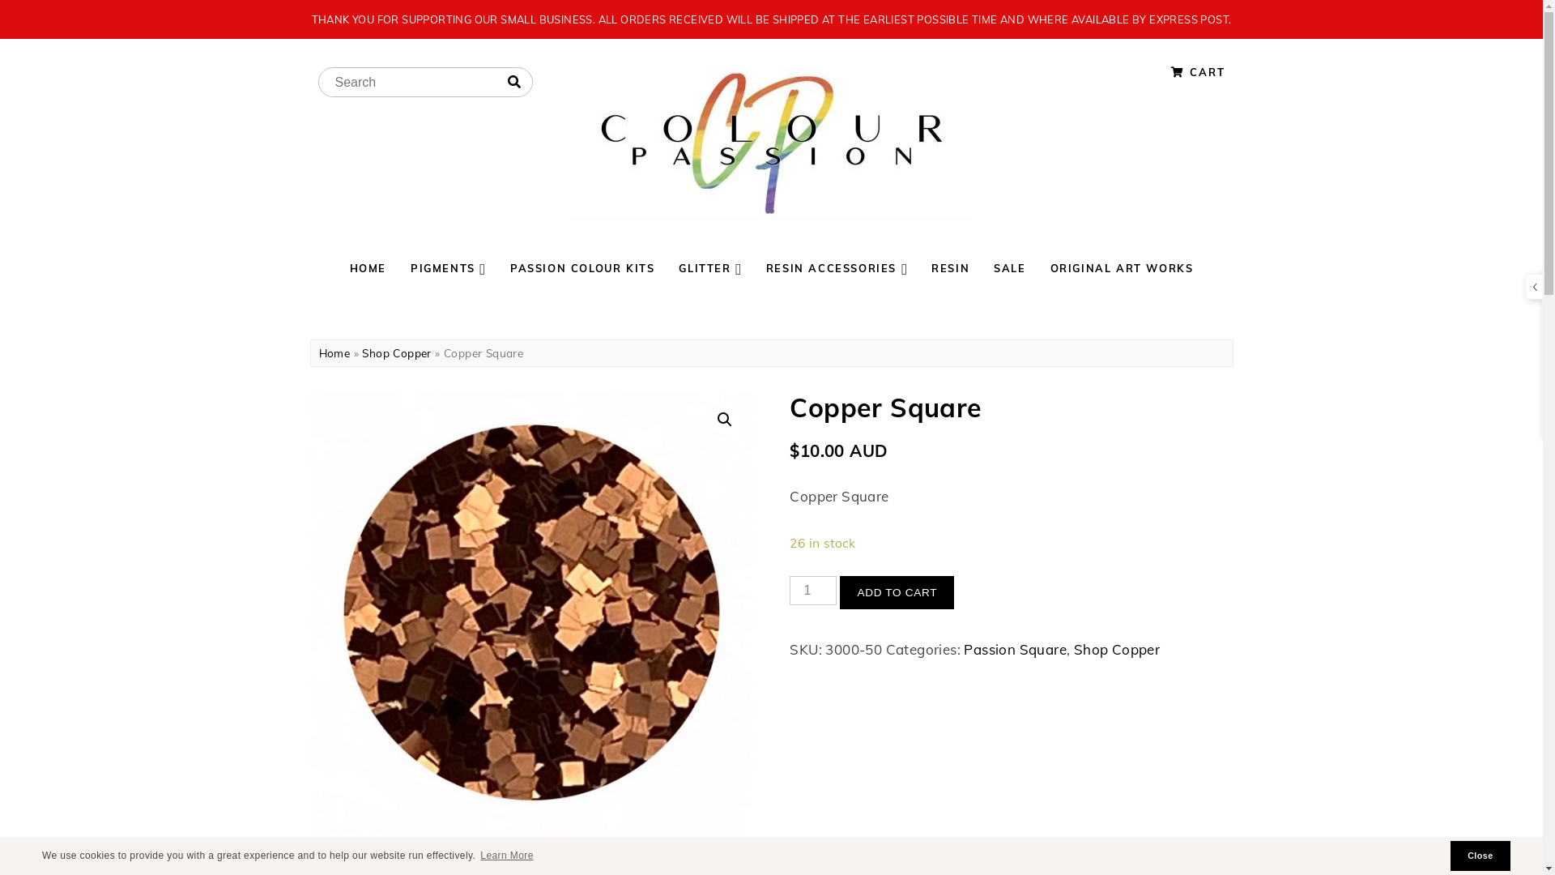 The width and height of the screenshot is (1555, 875). I want to click on 'ORIGINAL ART WORKS', so click(1121, 267).